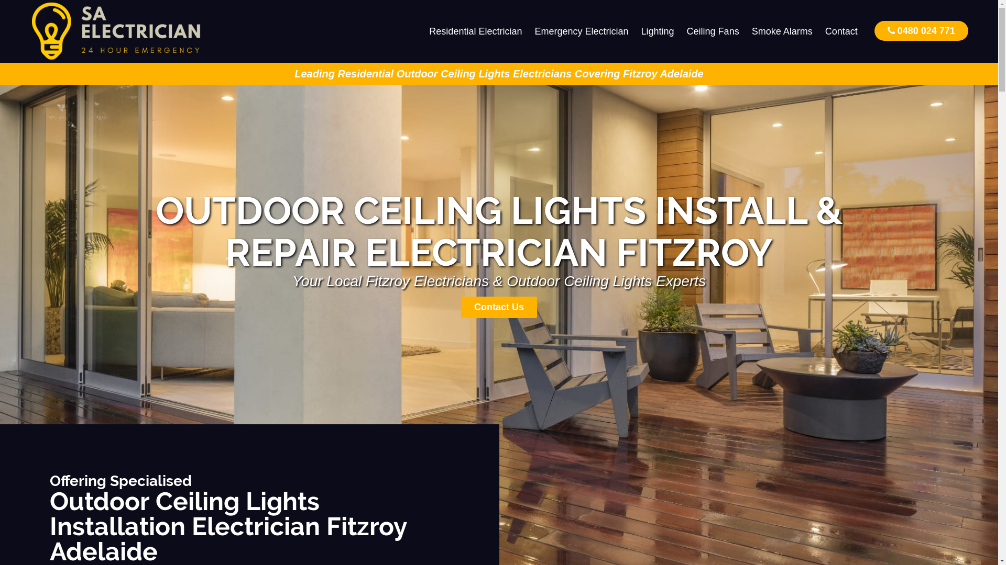  I want to click on '0480 024 771', so click(874, 30).